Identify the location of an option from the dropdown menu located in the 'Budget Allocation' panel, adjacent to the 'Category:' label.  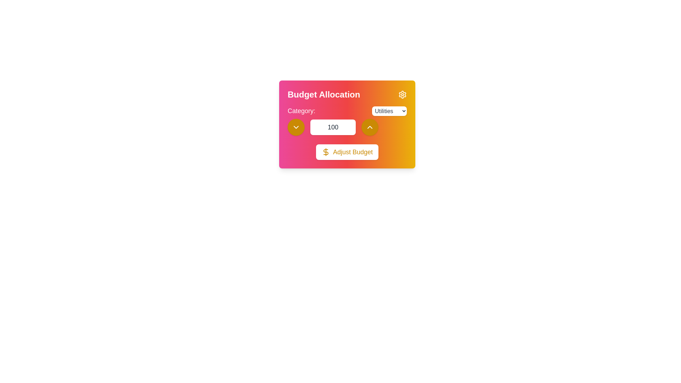
(389, 111).